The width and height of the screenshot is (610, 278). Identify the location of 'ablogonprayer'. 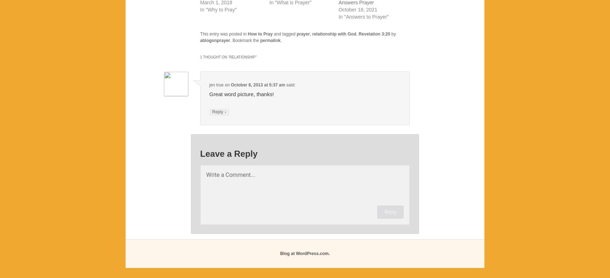
(215, 40).